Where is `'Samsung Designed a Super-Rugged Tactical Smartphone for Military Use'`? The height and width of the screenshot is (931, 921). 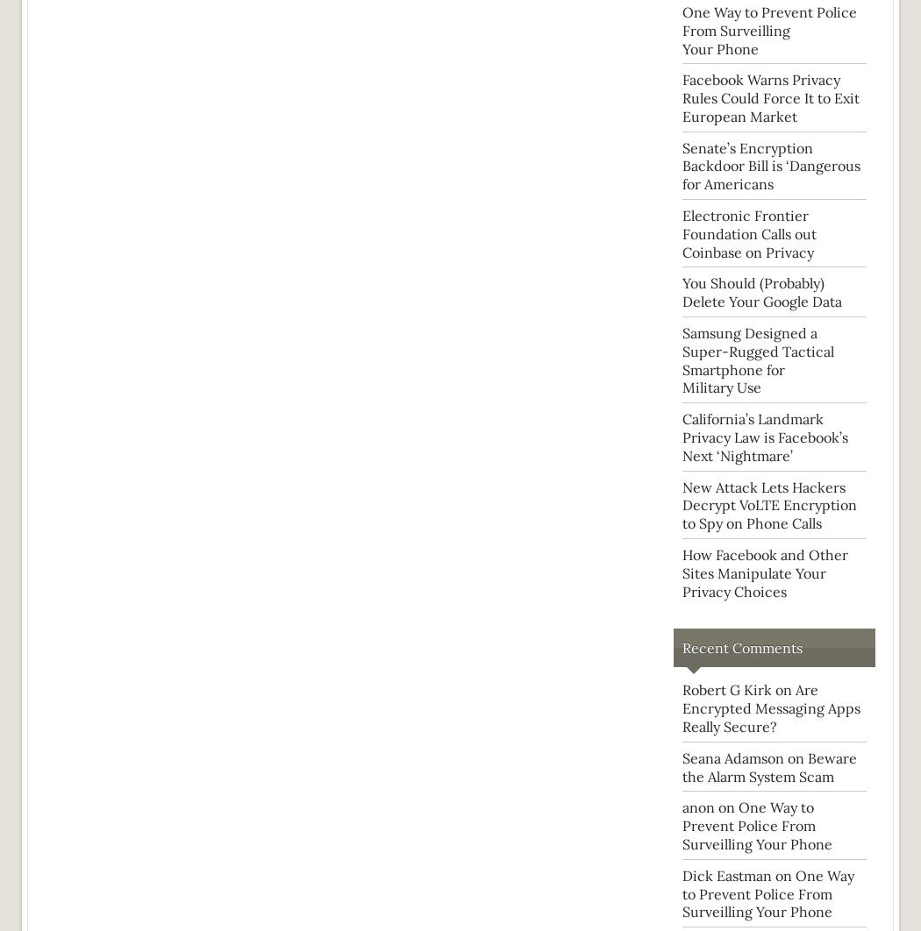
'Samsung Designed a Super-Rugged Tactical Smartphone for Military Use' is located at coordinates (682, 359).